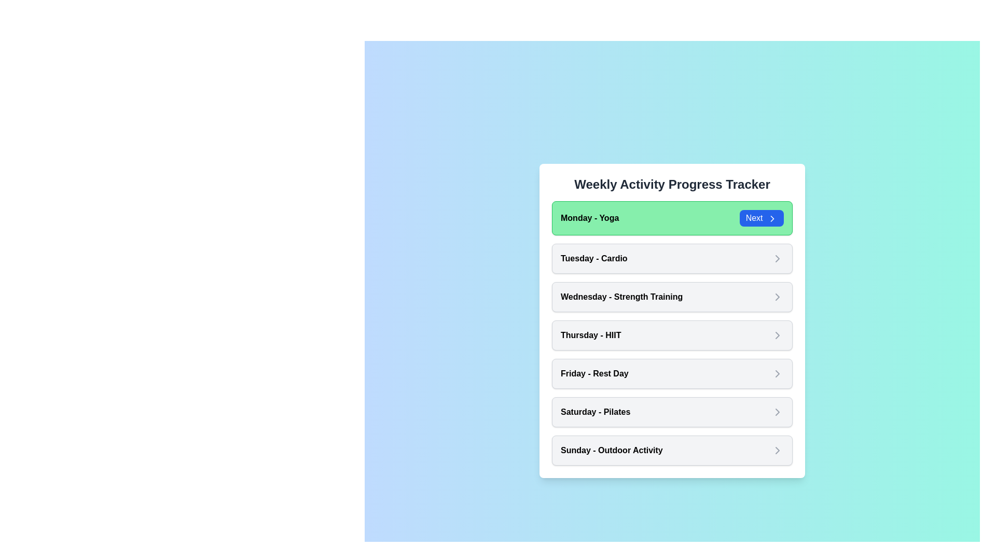 The width and height of the screenshot is (996, 560). Describe the element at coordinates (672, 335) in the screenshot. I see `the fourth item in the 'Weekly Activity Progress Tracker' list` at that location.